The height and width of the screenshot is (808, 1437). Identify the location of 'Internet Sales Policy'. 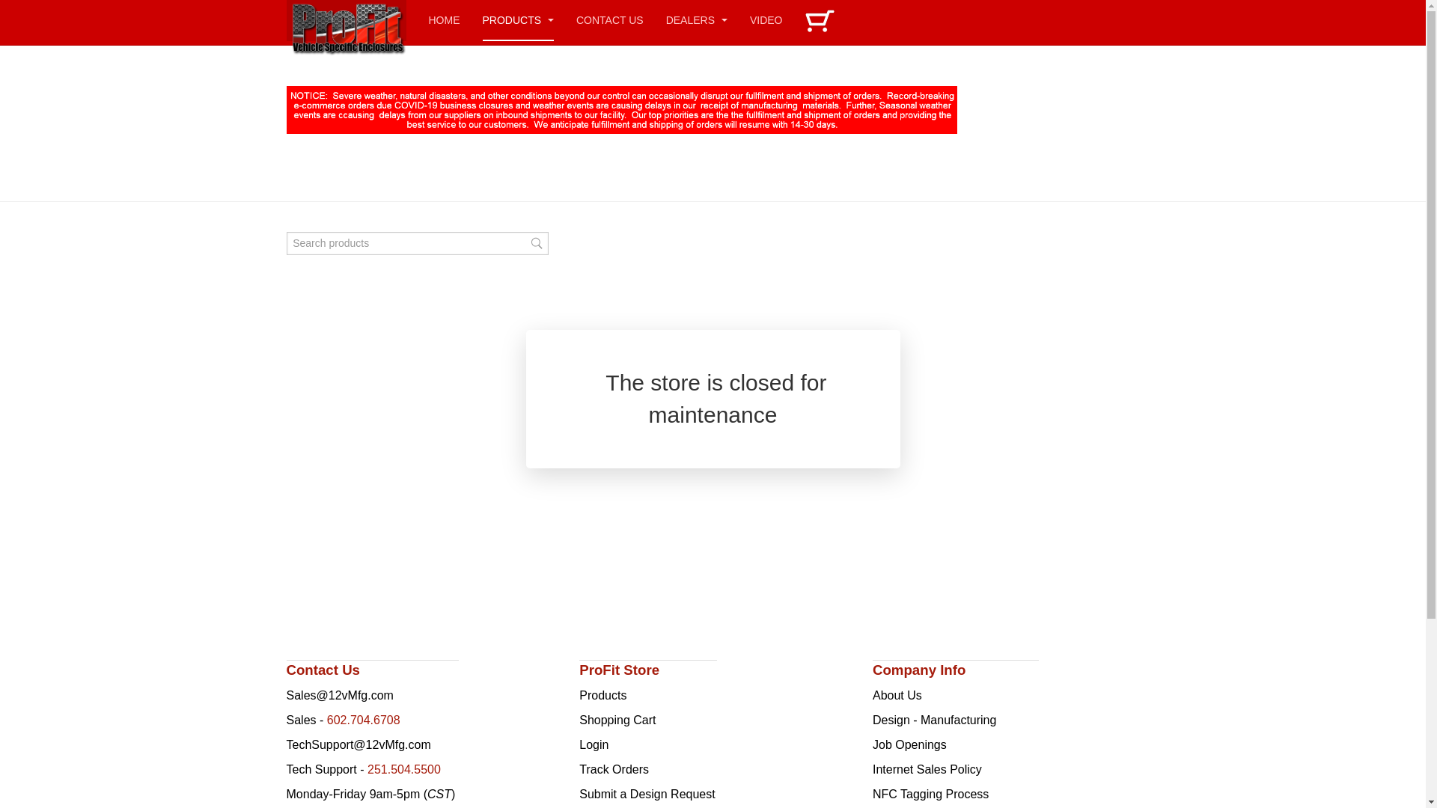
(873, 769).